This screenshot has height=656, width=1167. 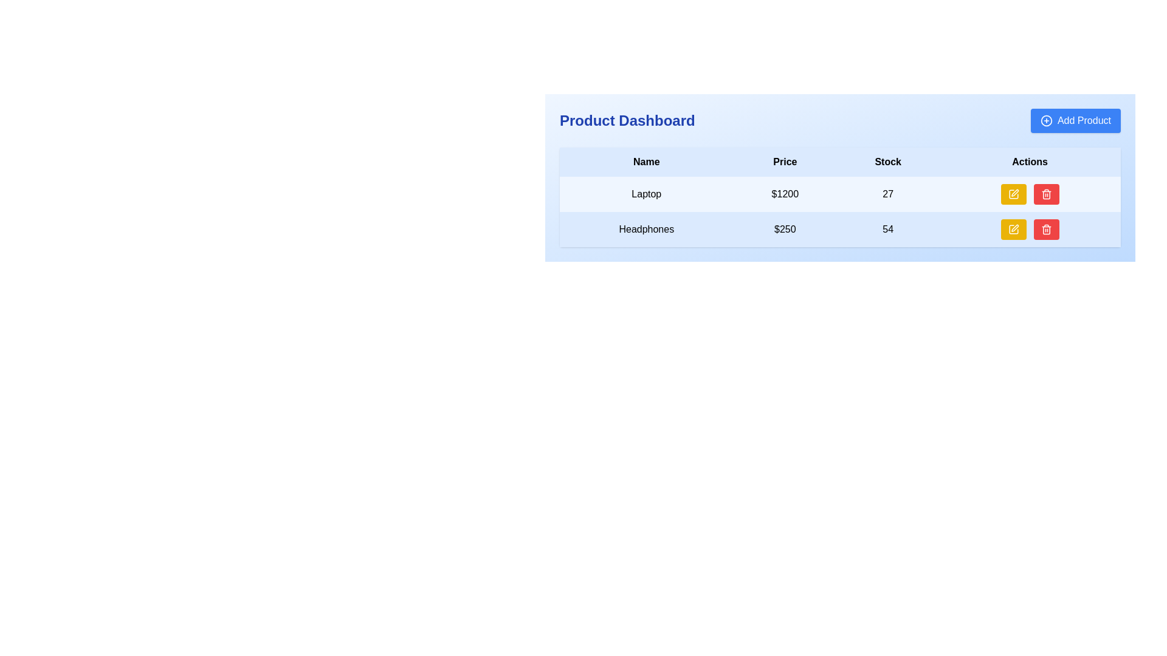 What do you see at coordinates (1045, 230) in the screenshot?
I see `the delete button located in the 'Actions' column of the second row of the table` at bounding box center [1045, 230].